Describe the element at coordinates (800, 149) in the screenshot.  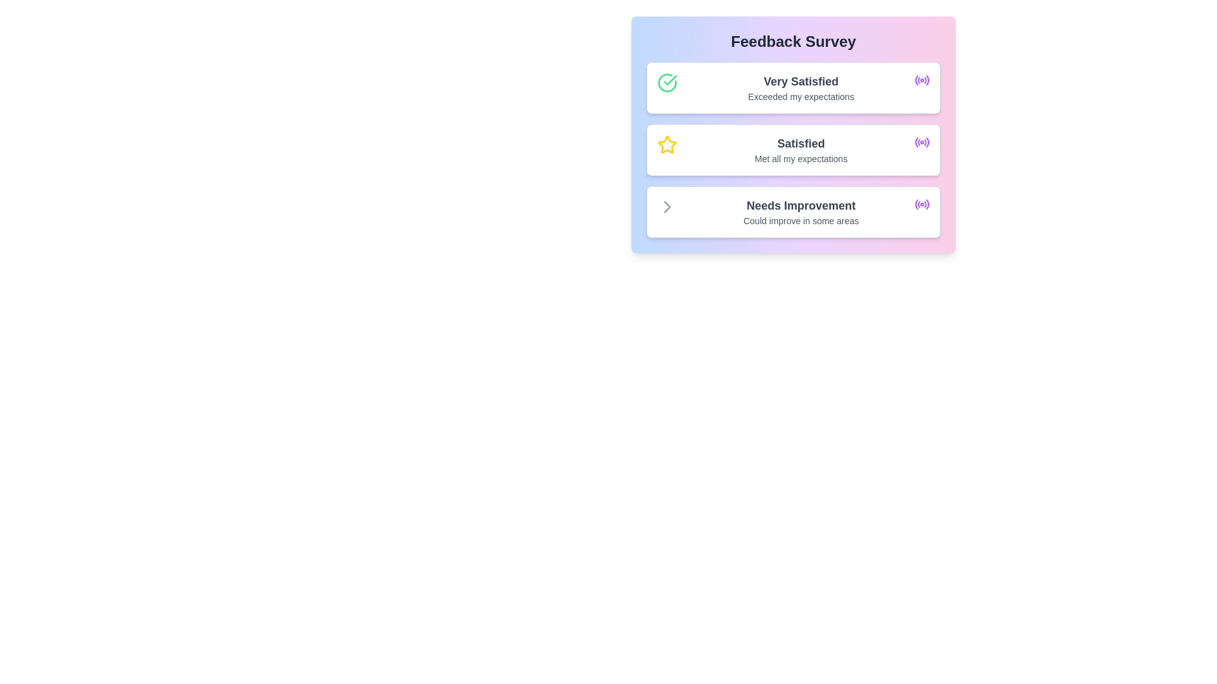
I see `the 'Satisfied' text block, which is the second option in a vertically stacked group of feedback choices, featuring bold text 'Satisfied' and smaller text 'Met all my expectations'` at that location.